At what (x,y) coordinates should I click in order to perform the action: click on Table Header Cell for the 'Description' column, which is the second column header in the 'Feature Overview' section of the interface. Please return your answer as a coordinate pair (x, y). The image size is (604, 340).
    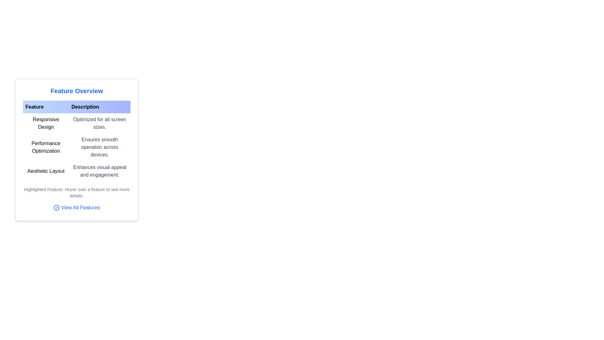
    Looking at the image, I should click on (99, 106).